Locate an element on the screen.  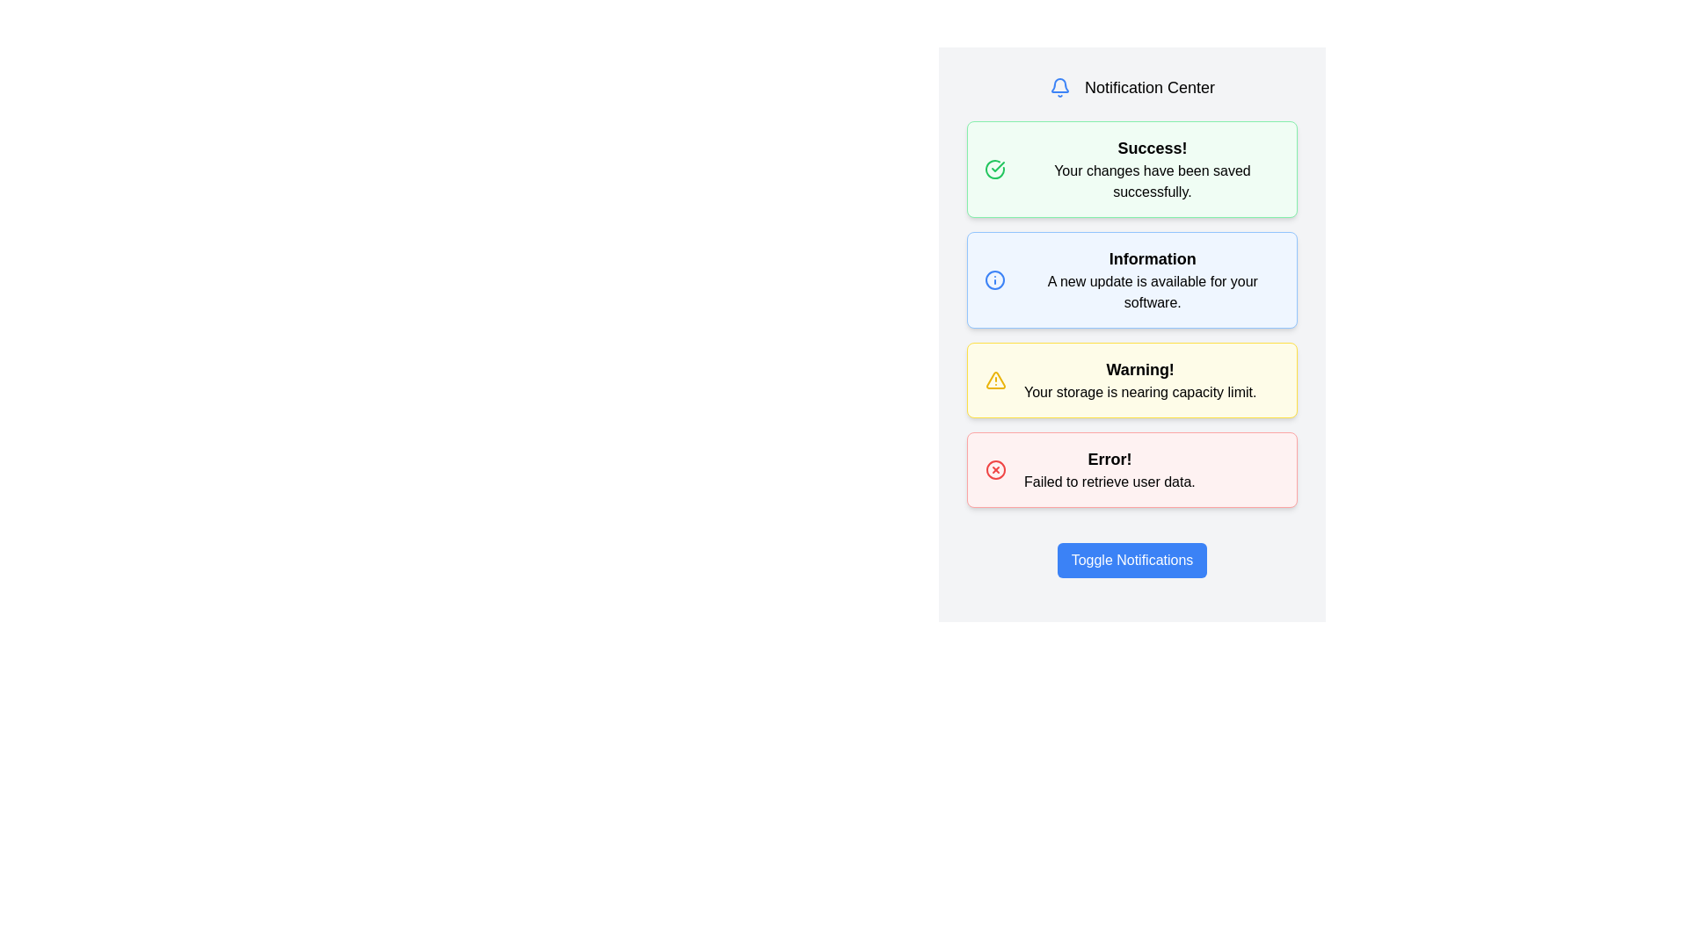
the error notification circle located in the fourth notification box labeled 'Error!' to indicate an error within the user interface is located at coordinates (995, 469).